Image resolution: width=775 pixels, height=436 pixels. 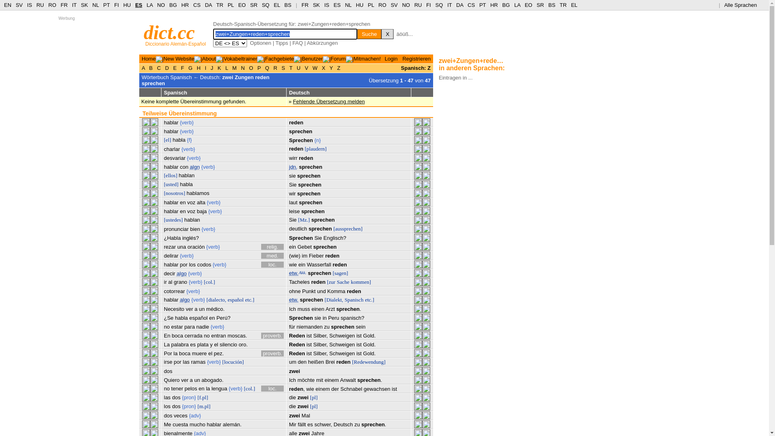 What do you see at coordinates (165, 281) in the screenshot?
I see `'ir'` at bounding box center [165, 281].